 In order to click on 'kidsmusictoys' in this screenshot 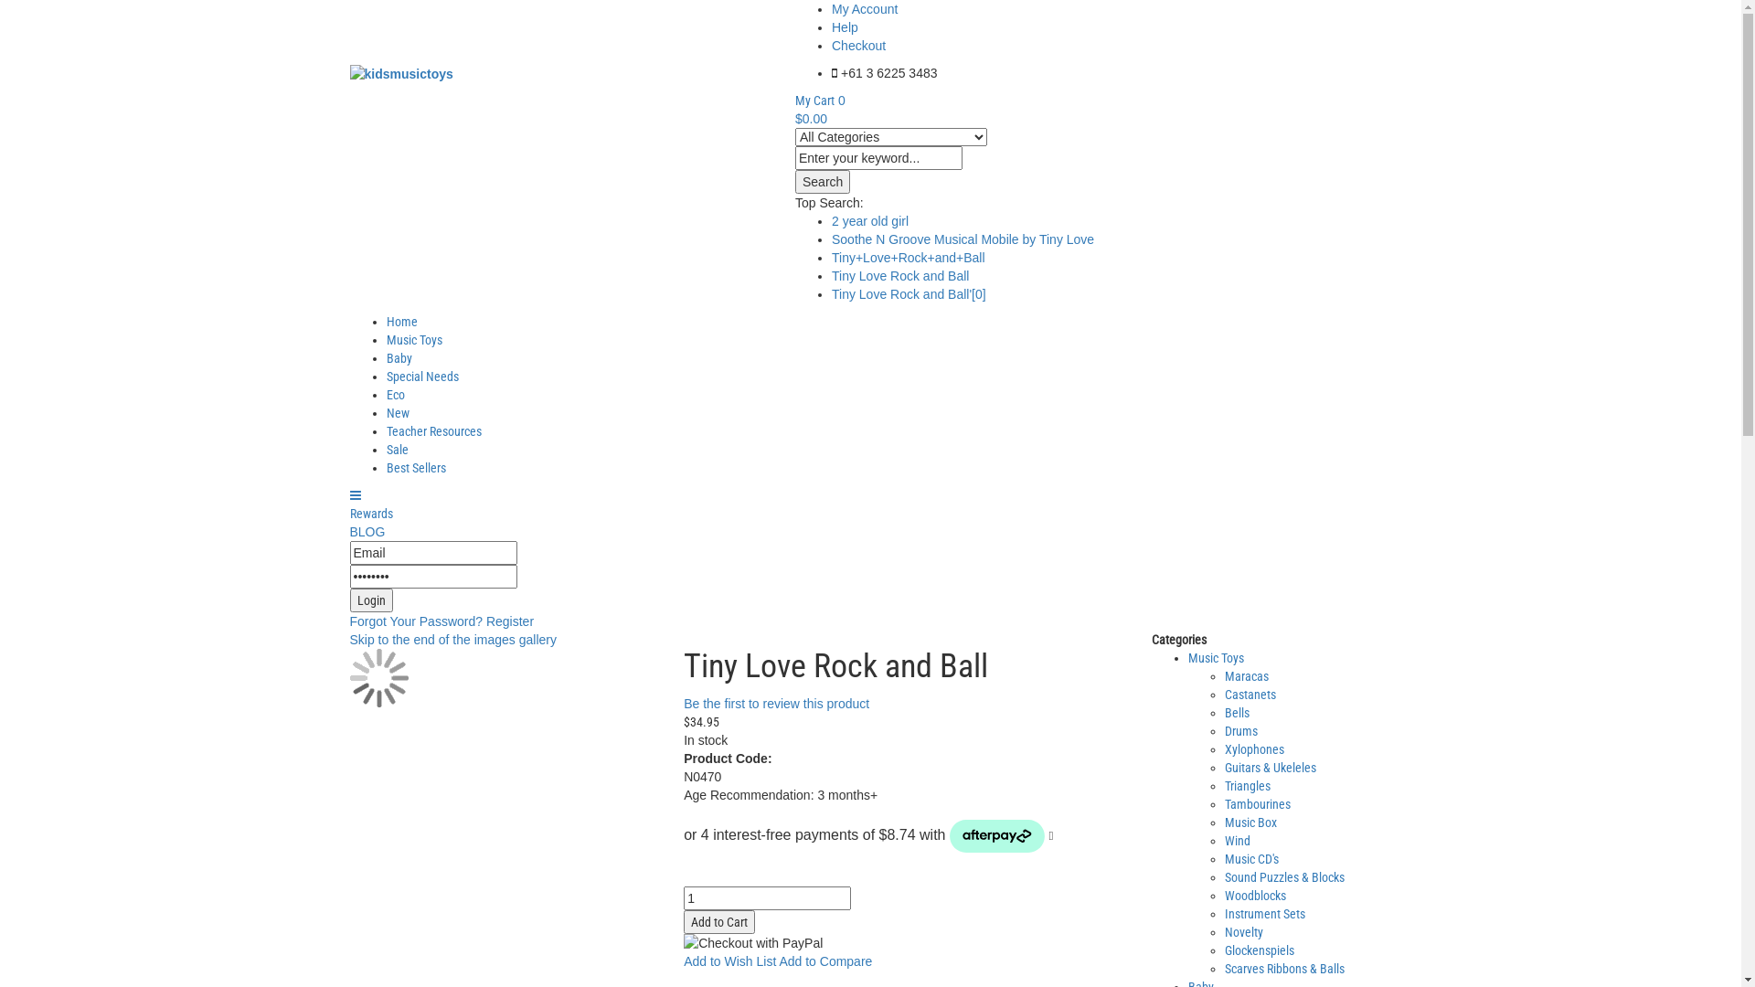, I will do `click(349, 72)`.